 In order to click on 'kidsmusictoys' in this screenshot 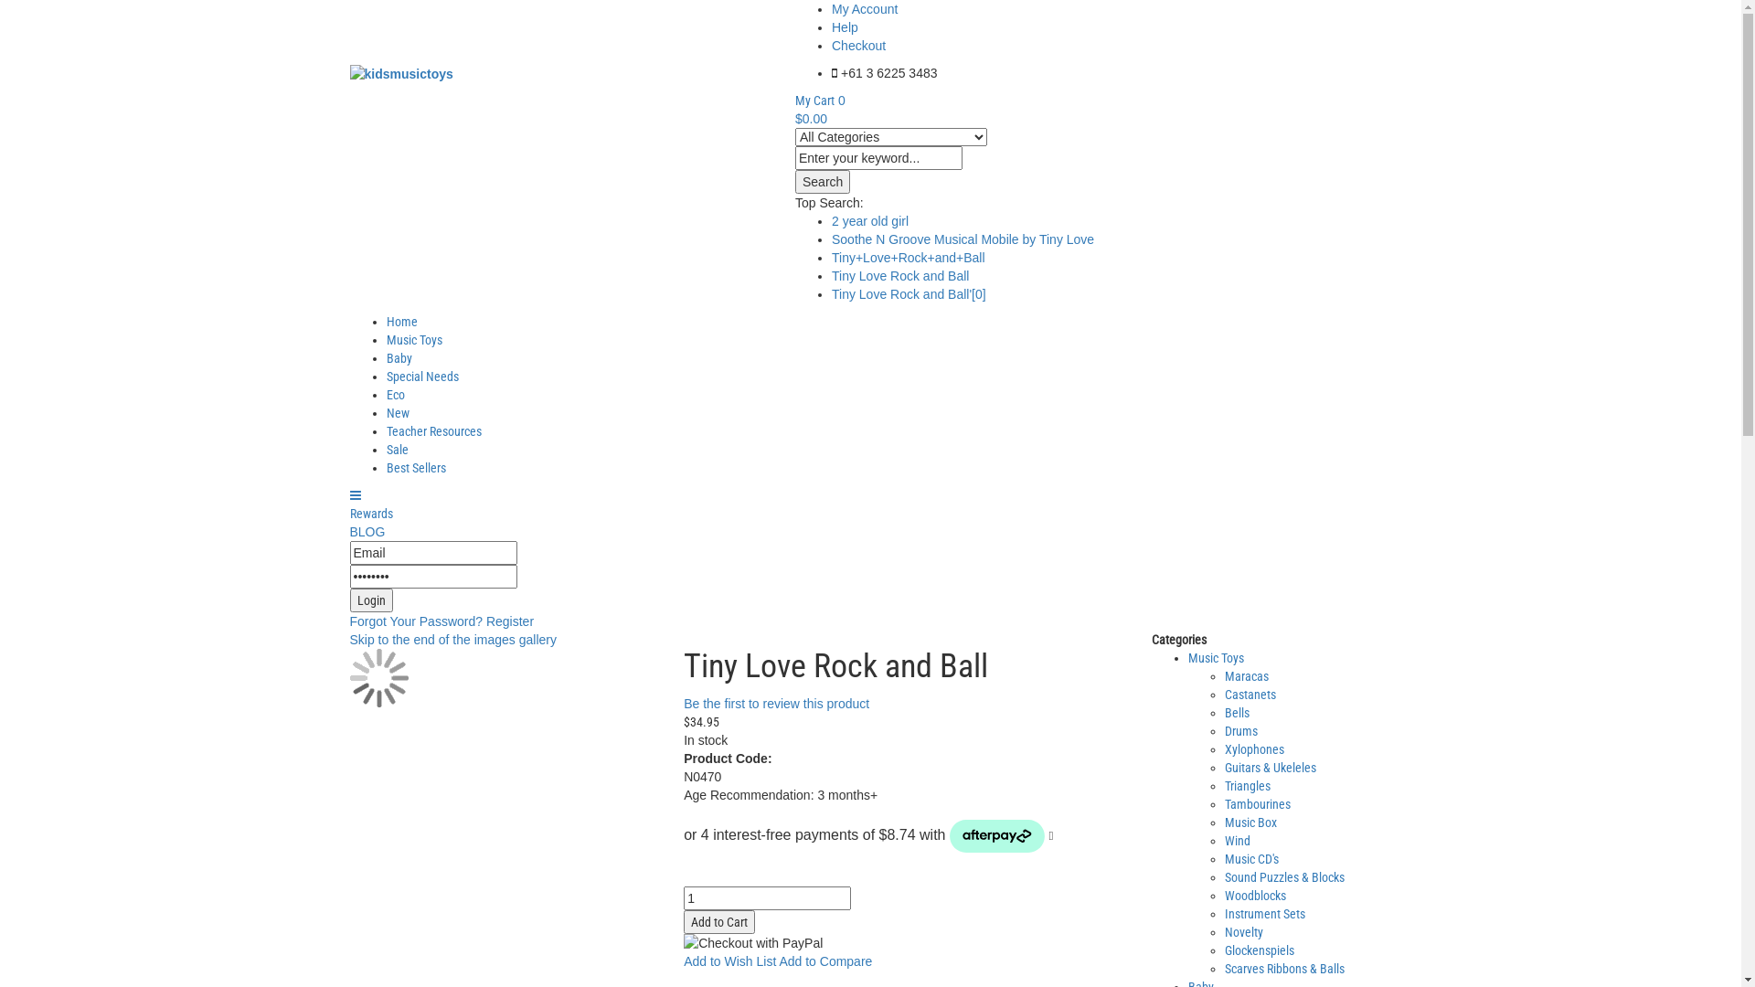, I will do `click(349, 72)`.